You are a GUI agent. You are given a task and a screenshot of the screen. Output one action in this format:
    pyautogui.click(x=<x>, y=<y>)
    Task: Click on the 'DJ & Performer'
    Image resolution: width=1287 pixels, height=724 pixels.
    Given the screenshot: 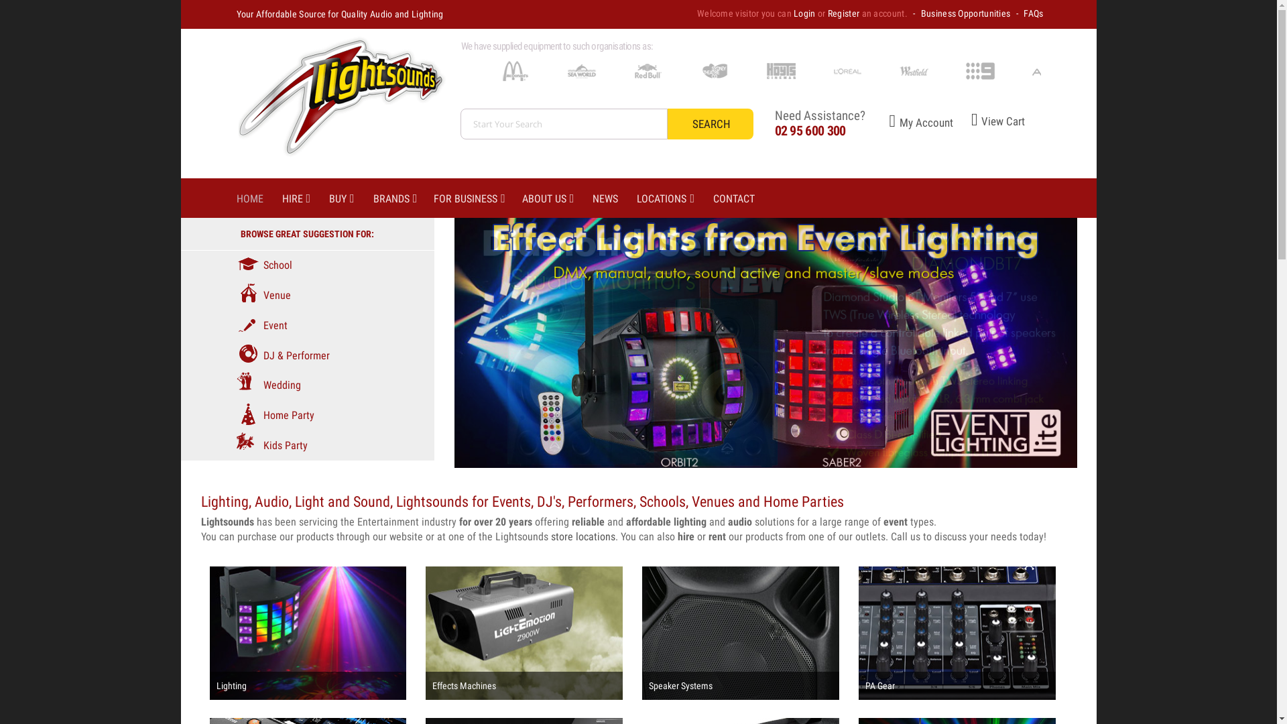 What is the action you would take?
    pyautogui.click(x=282, y=355)
    